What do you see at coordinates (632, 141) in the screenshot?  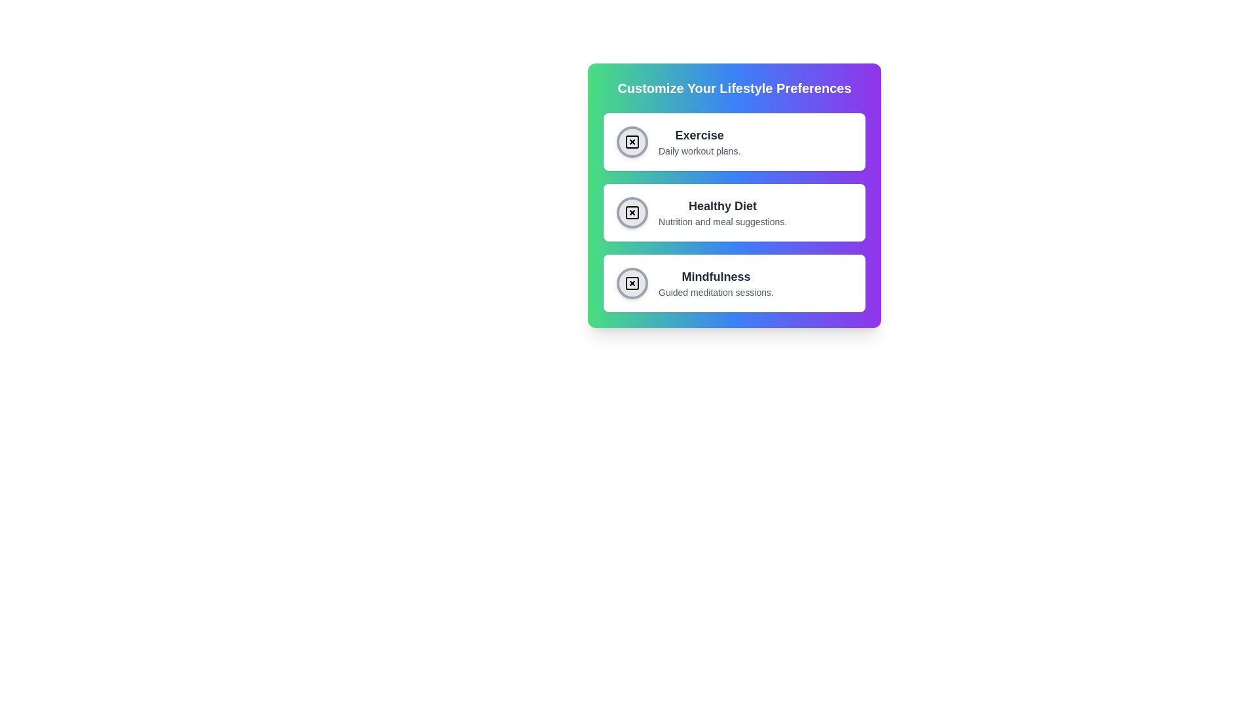 I see `the red 'X' icon within the button-like component located at the left of the 'Exercise' row in the card layout` at bounding box center [632, 141].